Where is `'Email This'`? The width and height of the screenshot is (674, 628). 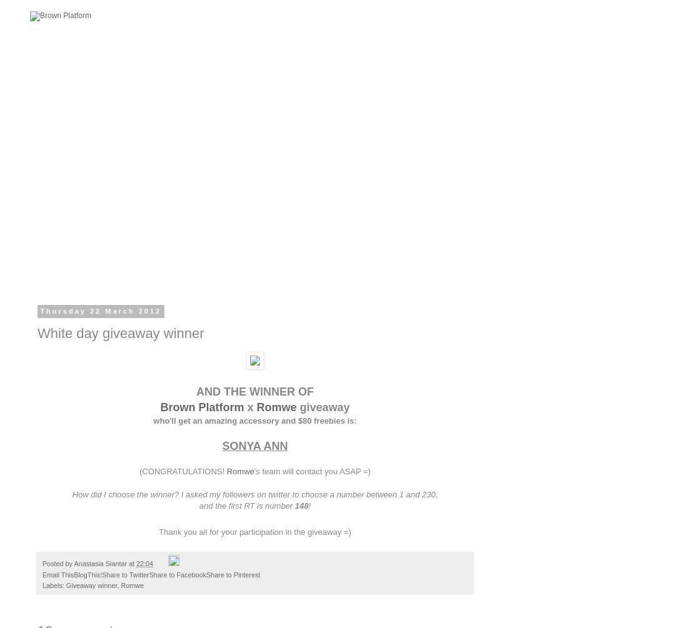
'Email This' is located at coordinates (58, 573).